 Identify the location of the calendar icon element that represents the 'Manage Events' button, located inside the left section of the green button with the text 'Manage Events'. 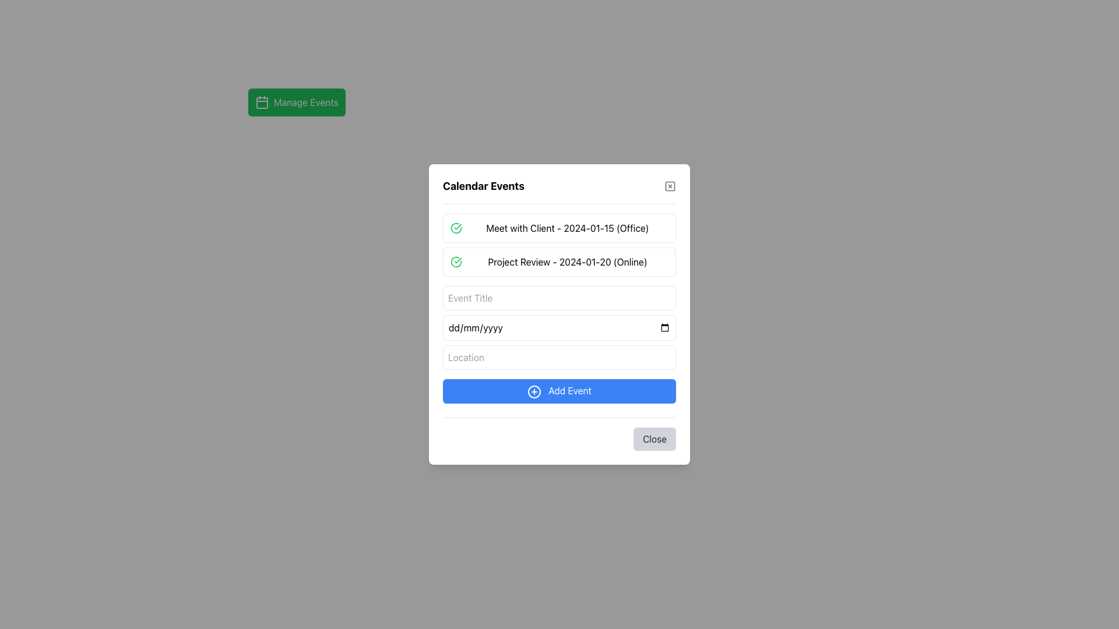
(262, 103).